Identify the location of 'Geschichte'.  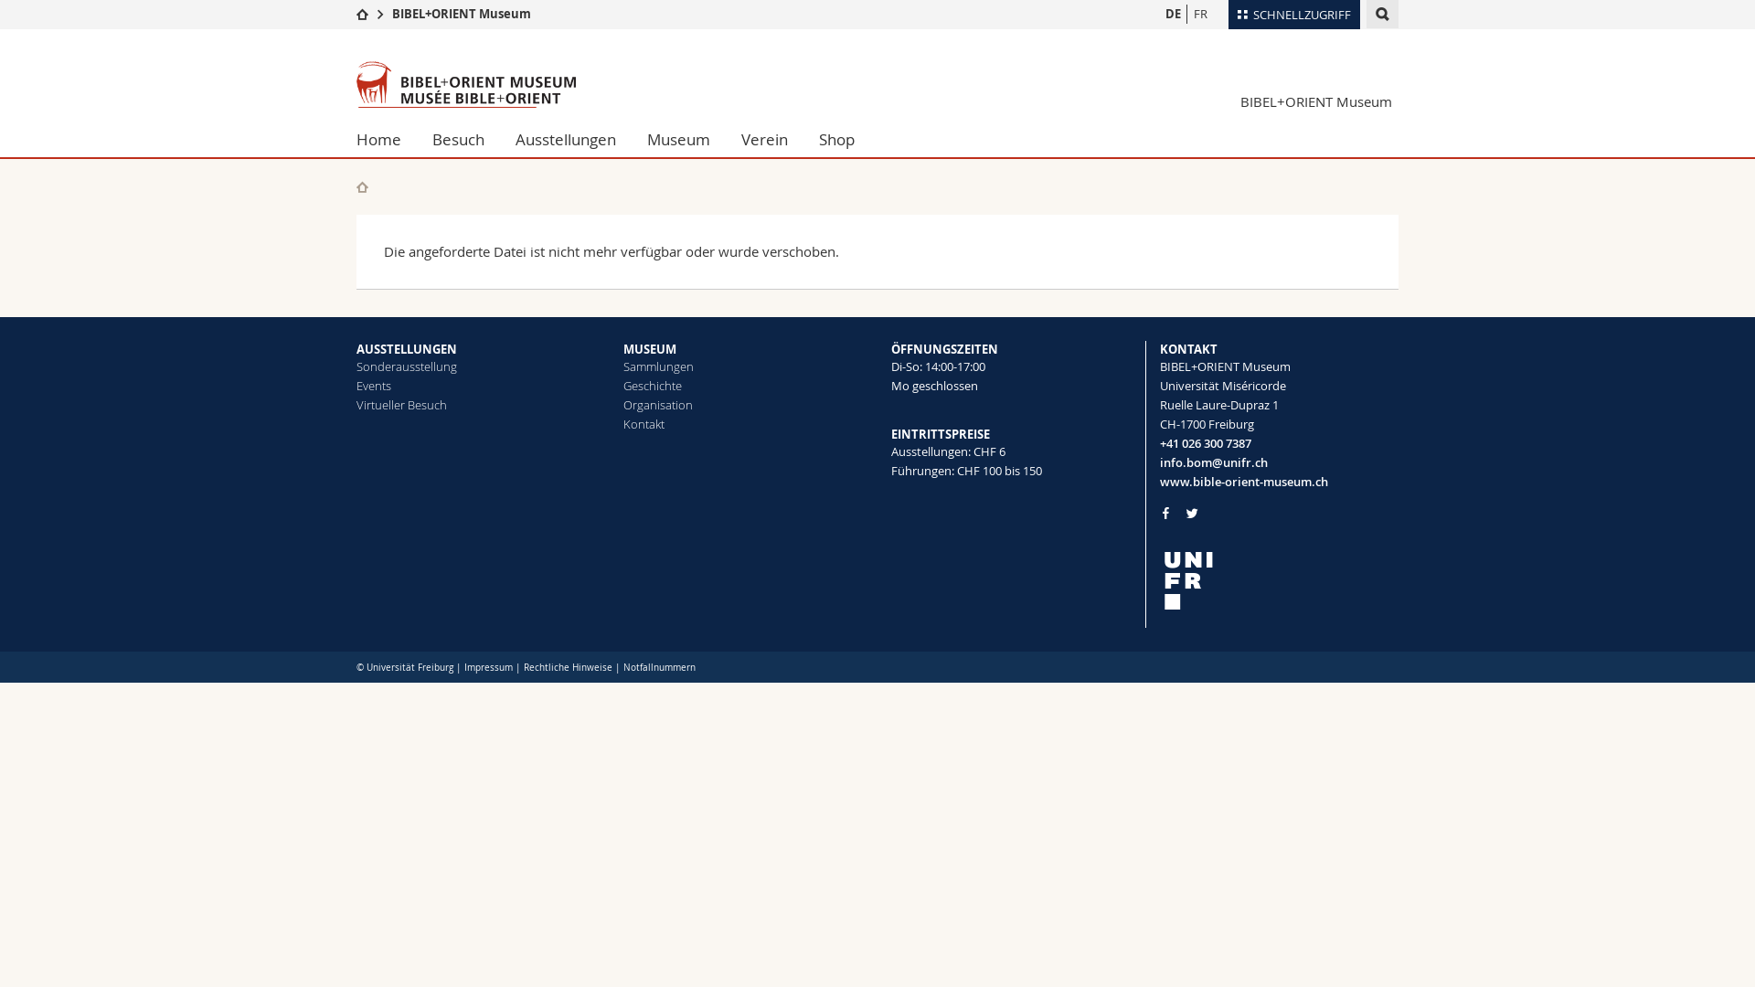
(653, 384).